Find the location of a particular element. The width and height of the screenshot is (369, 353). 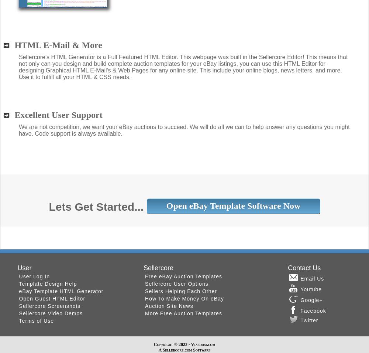

'Sellercore' is located at coordinates (144, 267).